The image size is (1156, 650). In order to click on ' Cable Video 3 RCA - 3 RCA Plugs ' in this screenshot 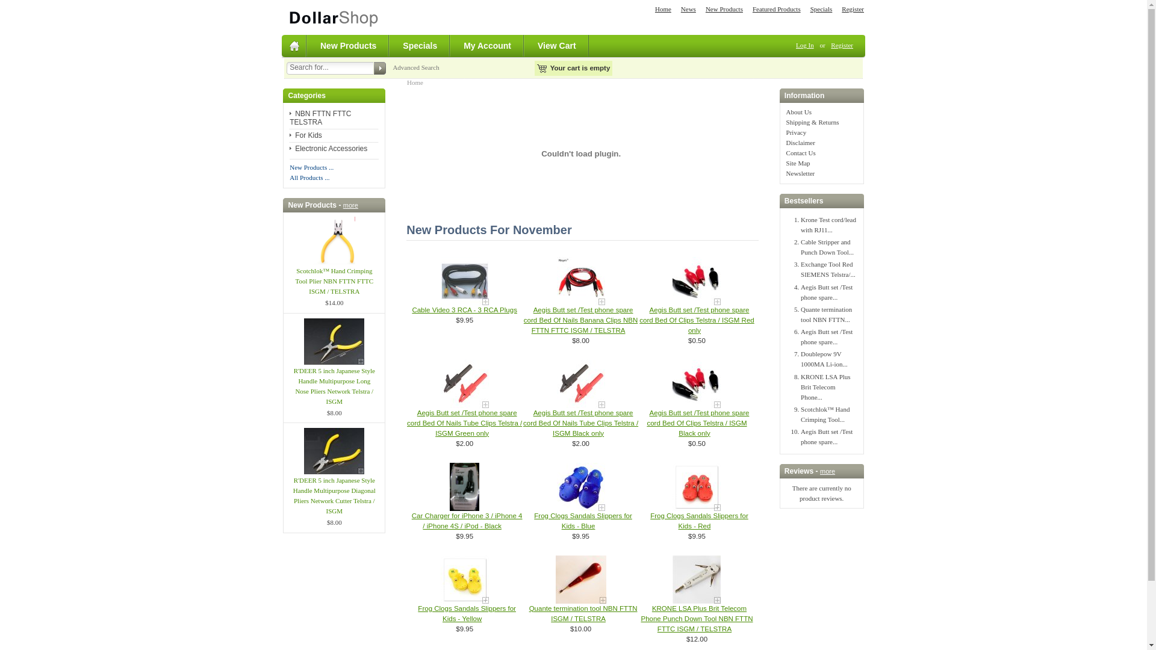, I will do `click(464, 280)`.